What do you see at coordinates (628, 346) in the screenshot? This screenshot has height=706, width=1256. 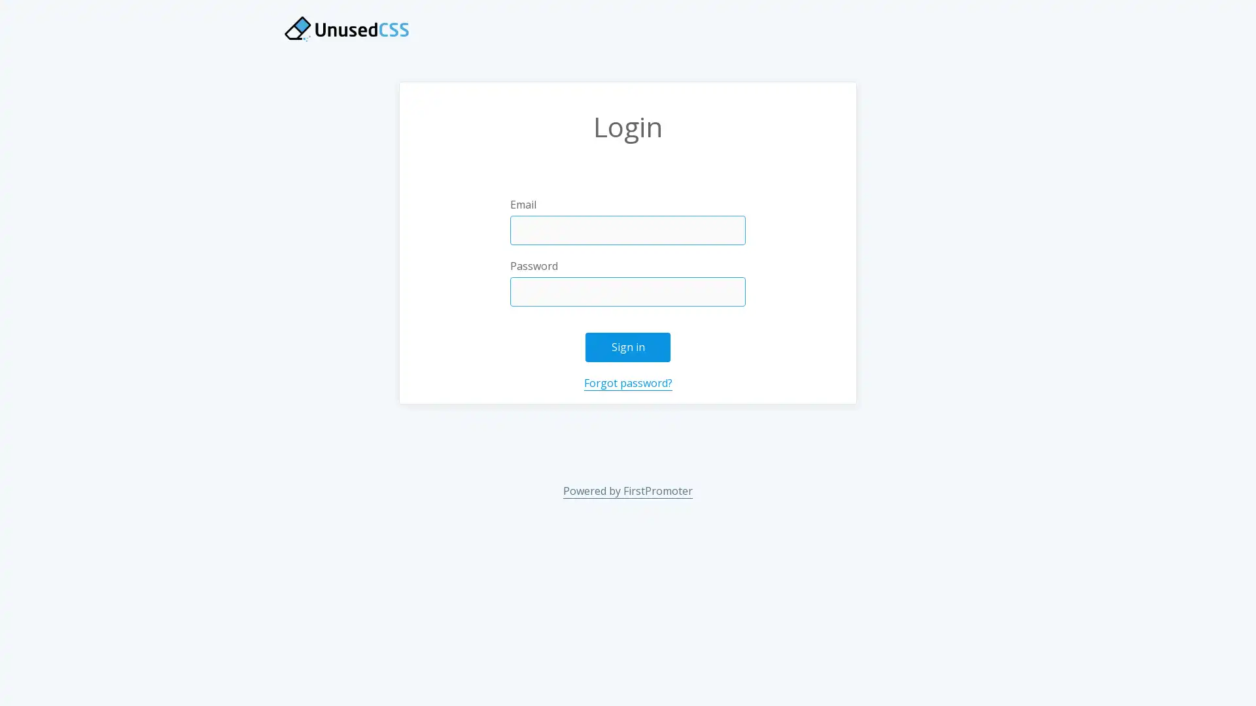 I see `Sign in` at bounding box center [628, 346].